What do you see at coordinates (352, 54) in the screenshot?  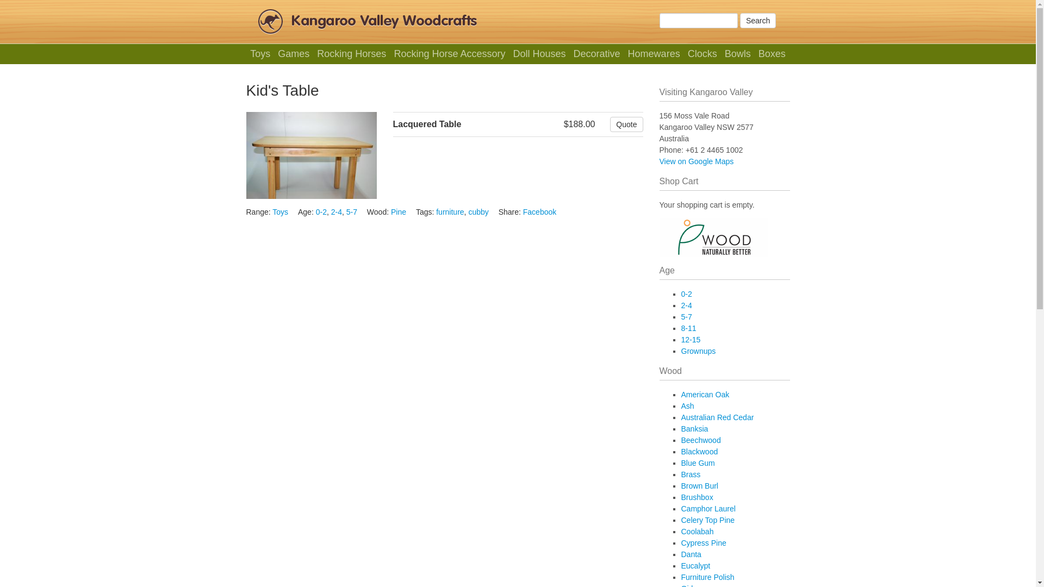 I see `'Rocking Horses'` at bounding box center [352, 54].